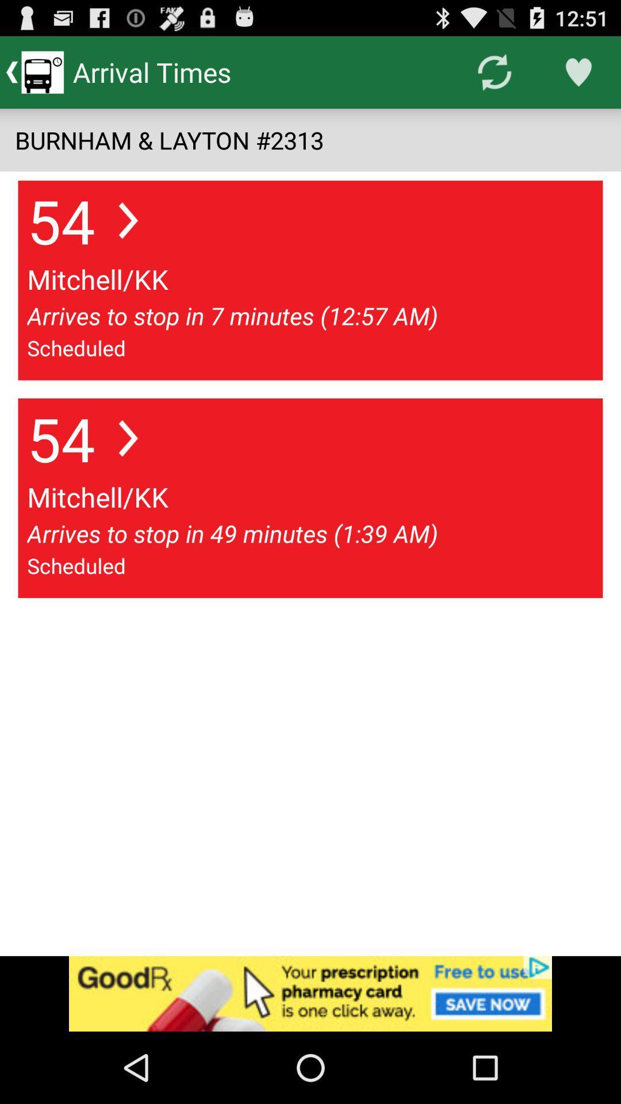 Image resolution: width=621 pixels, height=1104 pixels. Describe the element at coordinates (310, 993) in the screenshot. I see `advertisement` at that location.